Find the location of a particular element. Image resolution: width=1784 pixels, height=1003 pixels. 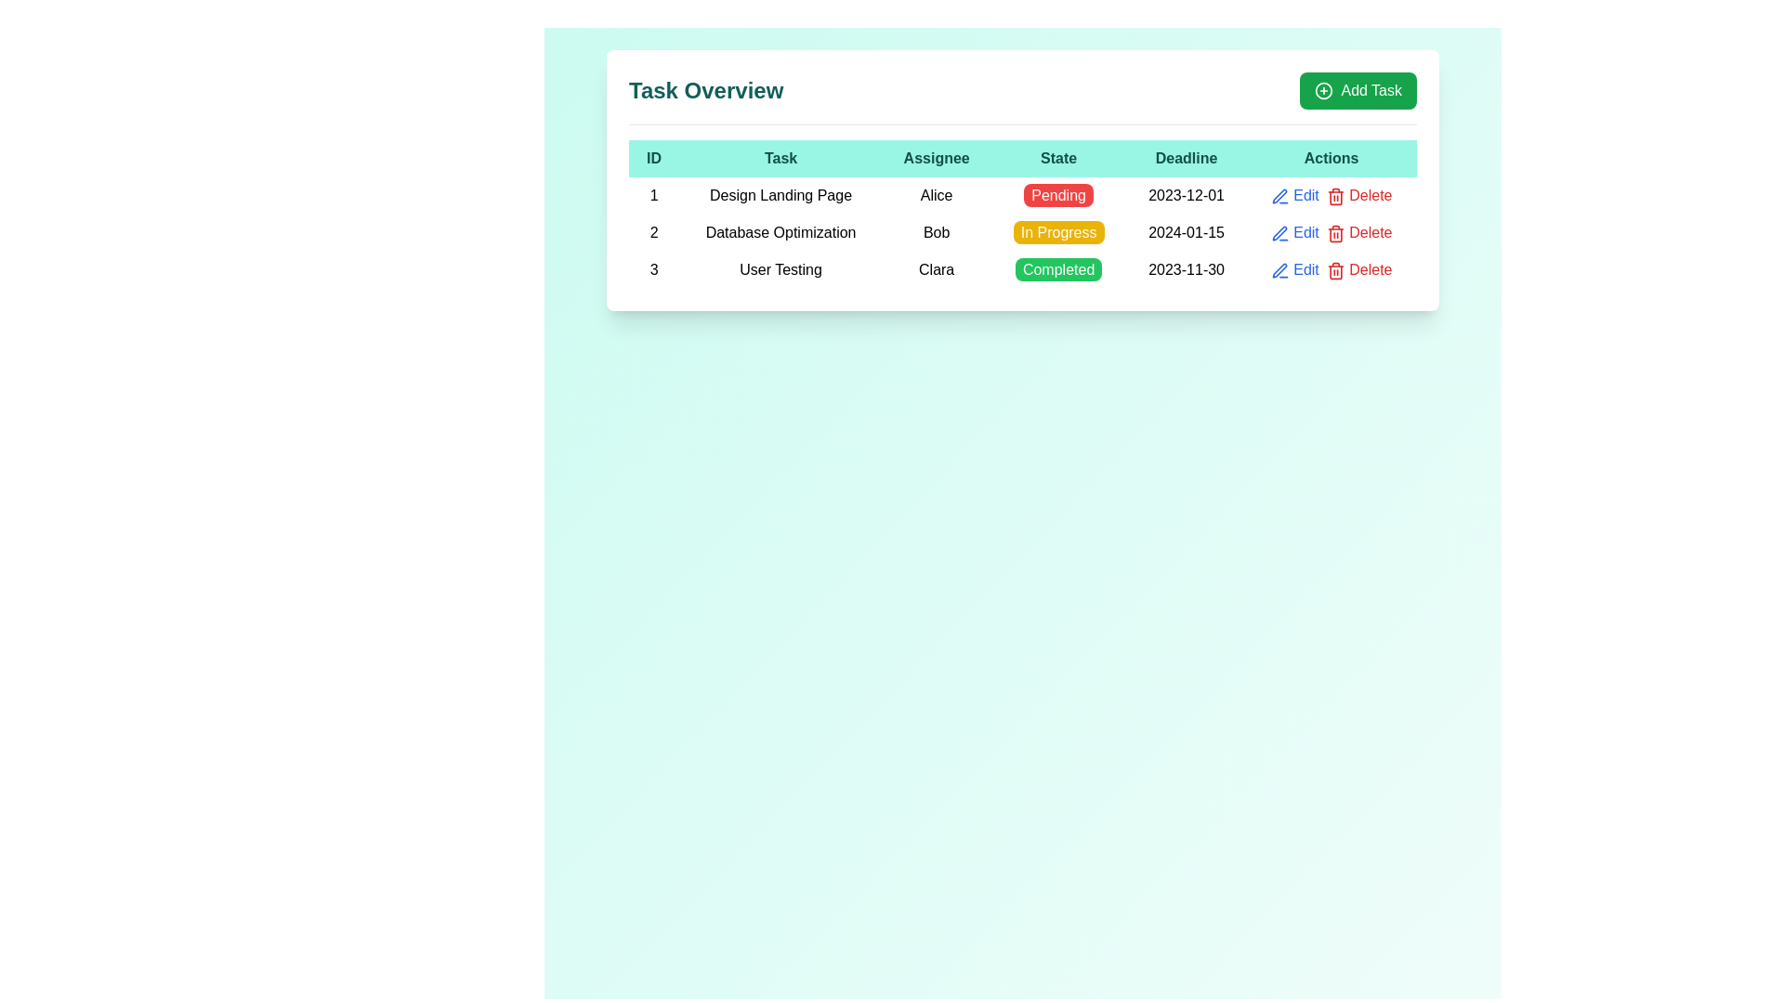

the Text Label that identifies the task in the first column of the second row in the 'Task Overview' table is located at coordinates (654, 231).